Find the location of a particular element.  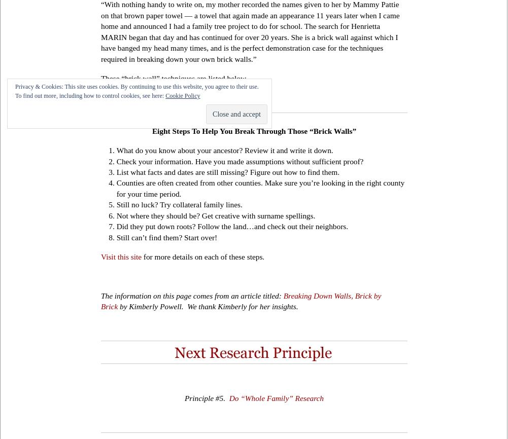

'Still no luck? Try collateral family lines.' is located at coordinates (179, 204).